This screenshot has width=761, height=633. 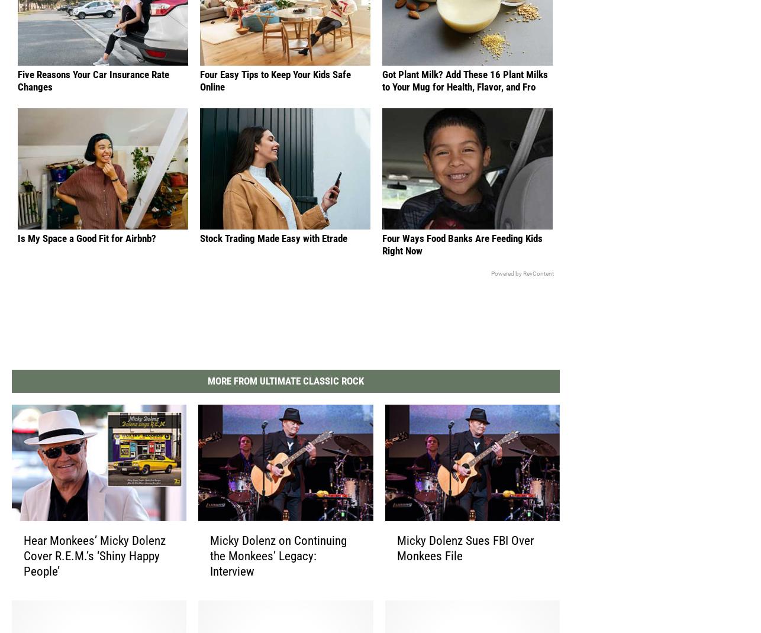 What do you see at coordinates (273, 248) in the screenshot?
I see `'Stock Trading Made Easy with Etrade'` at bounding box center [273, 248].